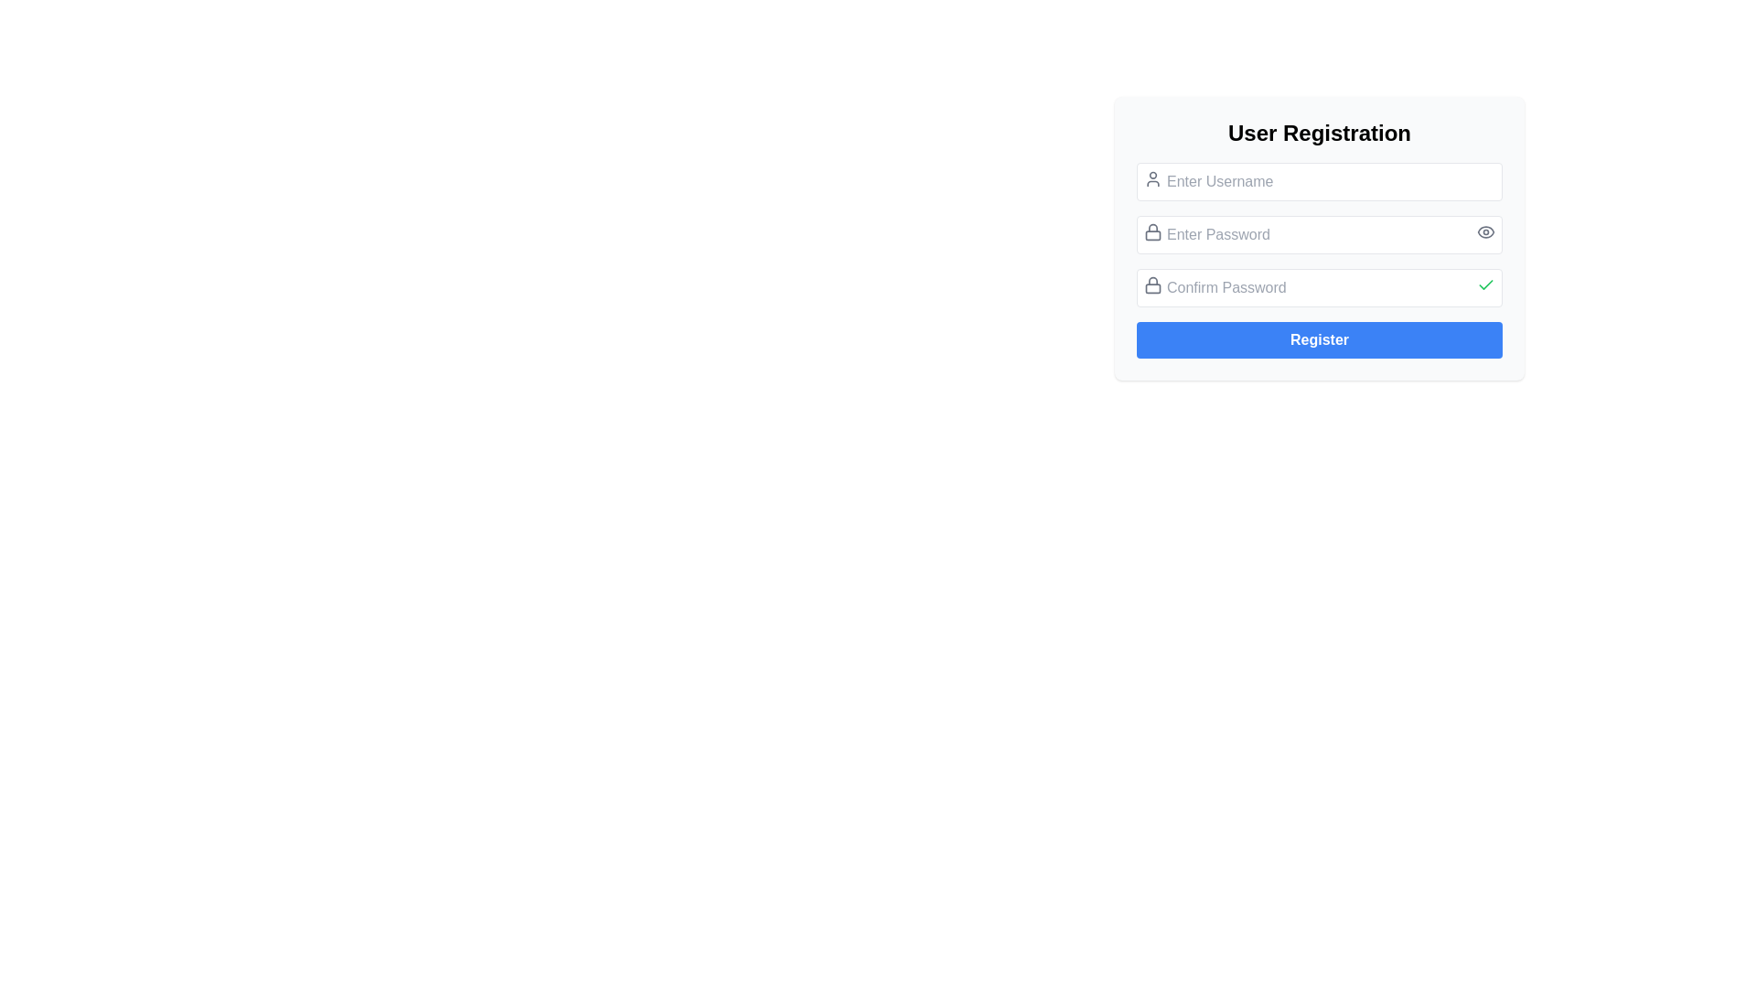  What do you see at coordinates (1320, 133) in the screenshot?
I see `the large, bold heading text 'User Registration' located prominently at the top of the registration card` at bounding box center [1320, 133].